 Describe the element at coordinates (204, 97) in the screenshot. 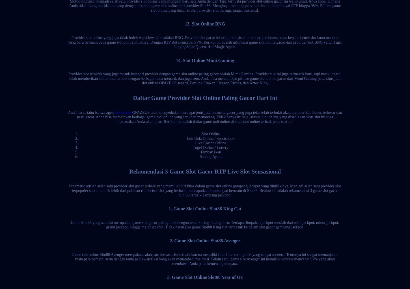

I see `'Daftar Game Provider Slot Online Paling Gacor Hari Ini'` at that location.